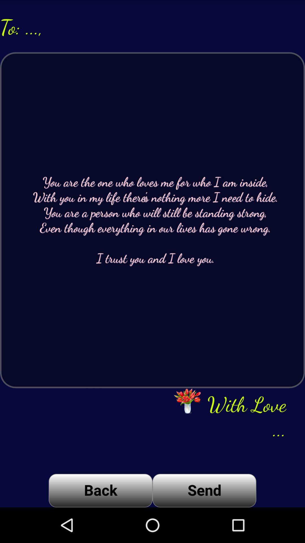 The width and height of the screenshot is (305, 543). Describe the element at coordinates (204, 490) in the screenshot. I see `the send icon` at that location.